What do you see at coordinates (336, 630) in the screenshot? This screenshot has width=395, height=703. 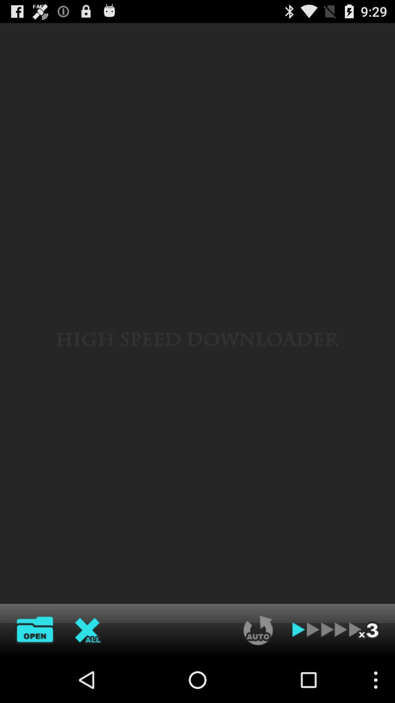 I see `forward` at bounding box center [336, 630].